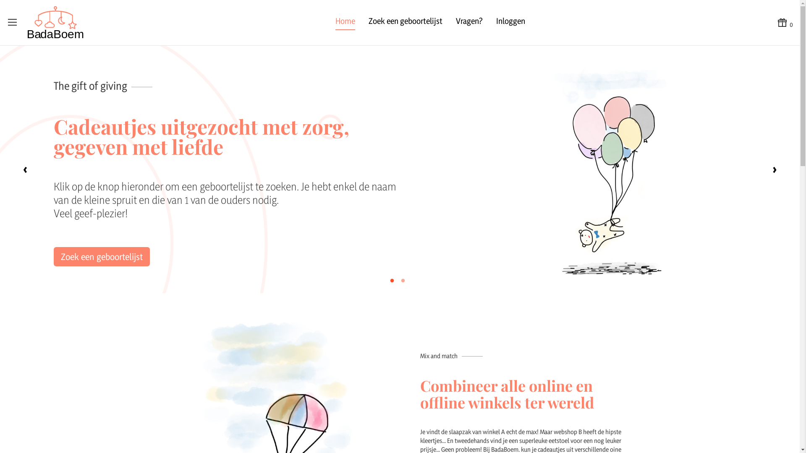 The width and height of the screenshot is (806, 453). Describe the element at coordinates (335, 22) in the screenshot. I see `'Home'` at that location.